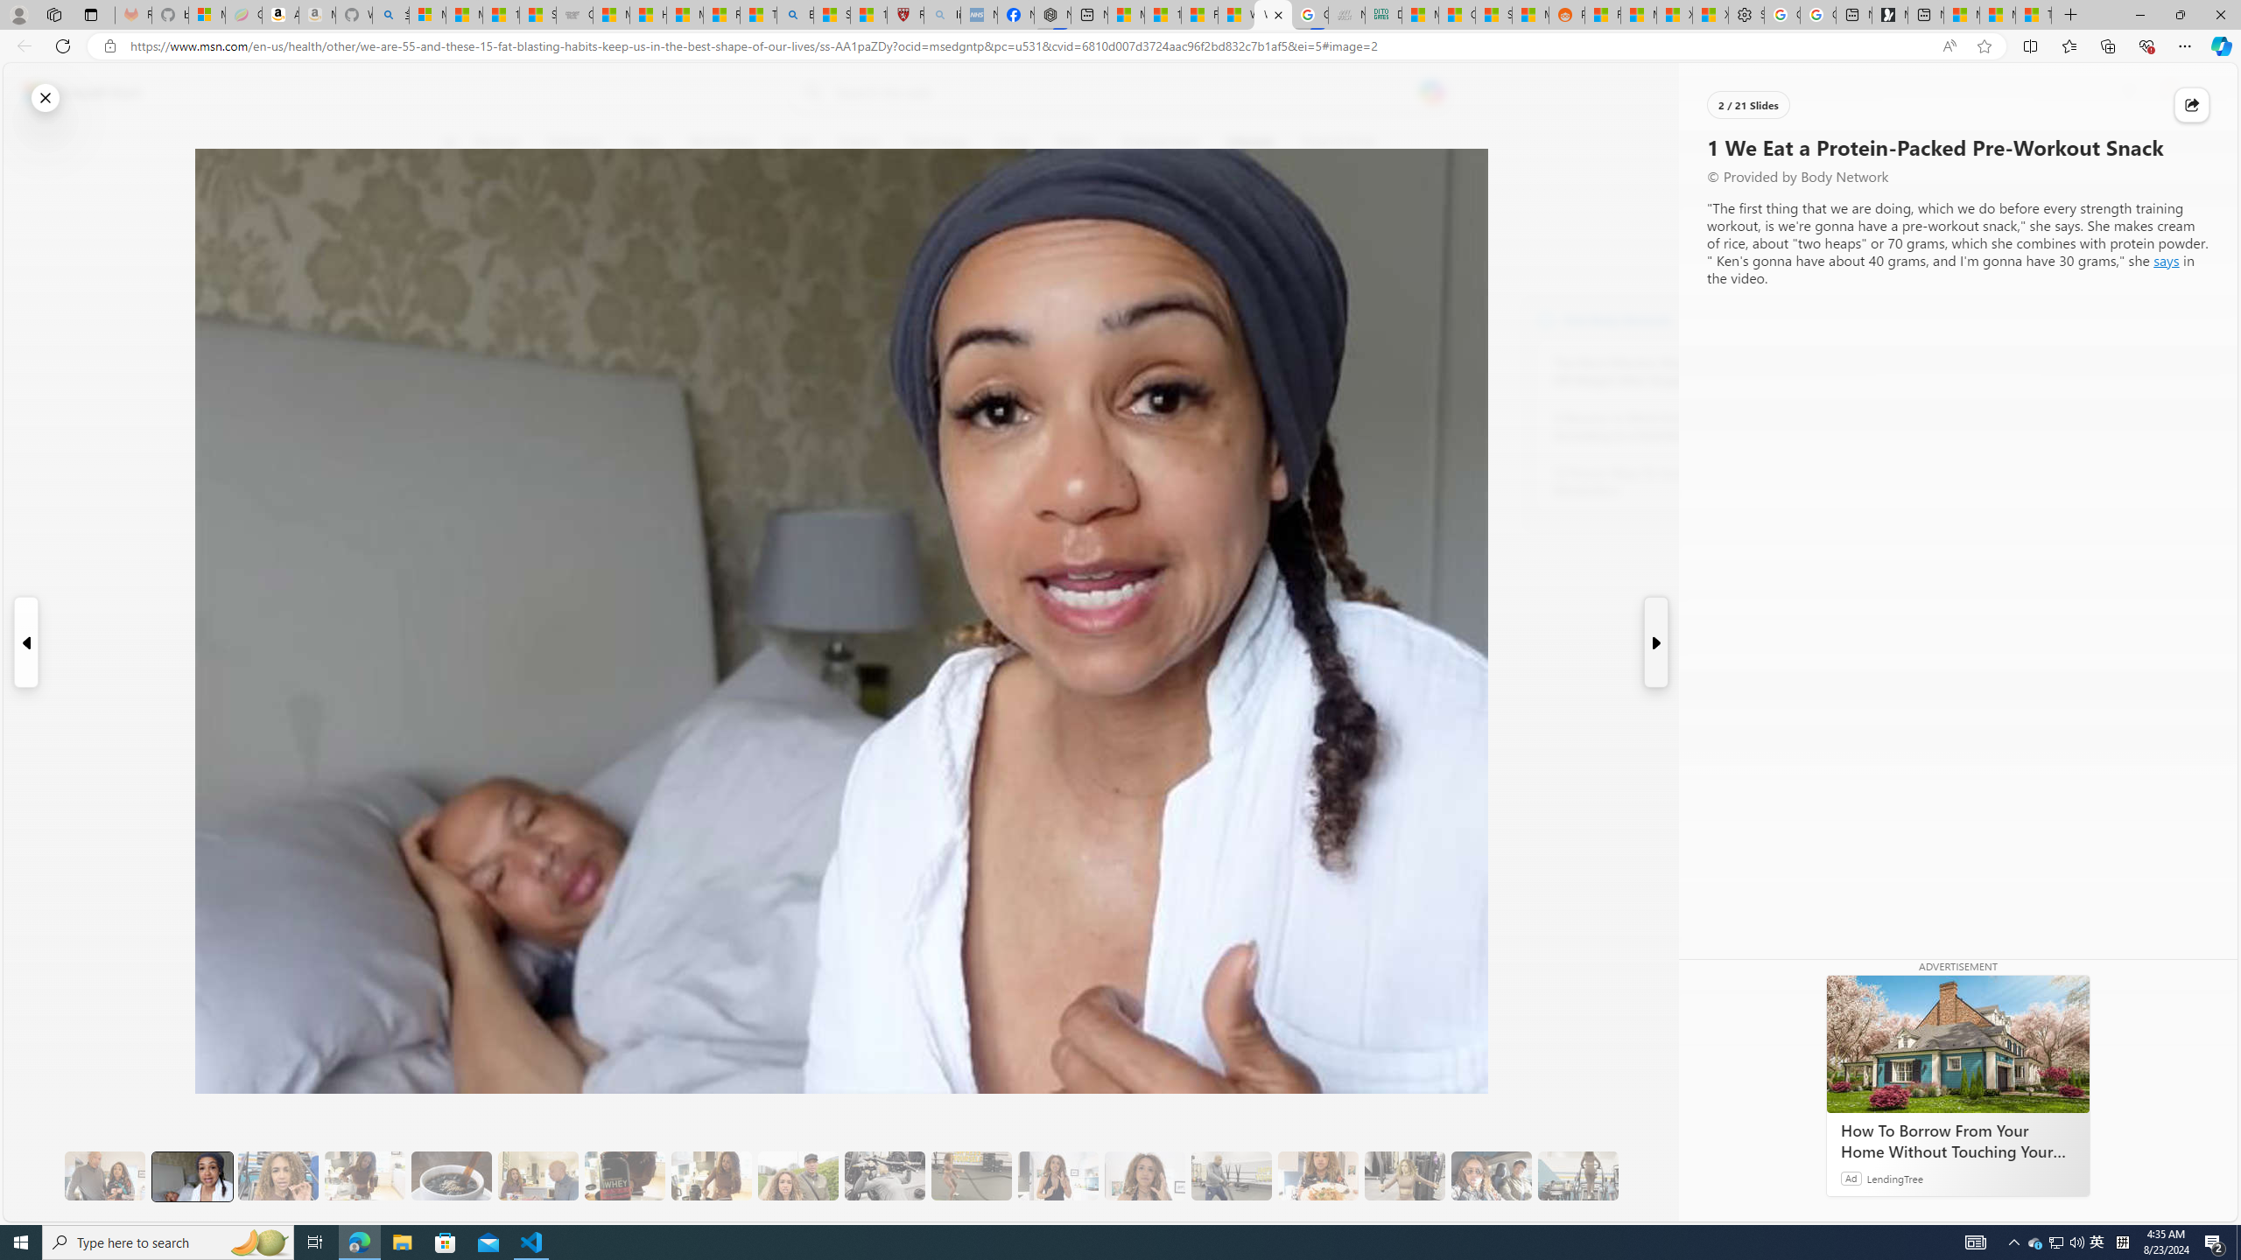 This screenshot has width=2241, height=1260. Describe the element at coordinates (2198, 93) in the screenshot. I see `'Open settings'` at that location.